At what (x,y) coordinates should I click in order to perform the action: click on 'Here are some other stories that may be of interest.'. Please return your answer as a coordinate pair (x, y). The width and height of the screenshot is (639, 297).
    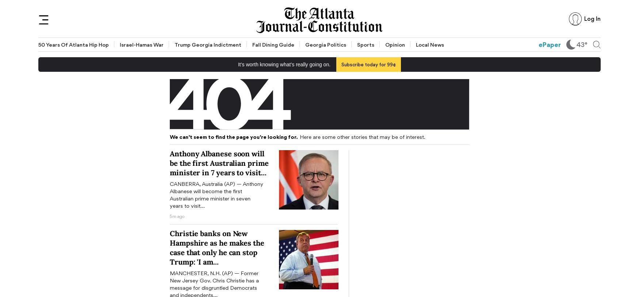
    Looking at the image, I should click on (298, 136).